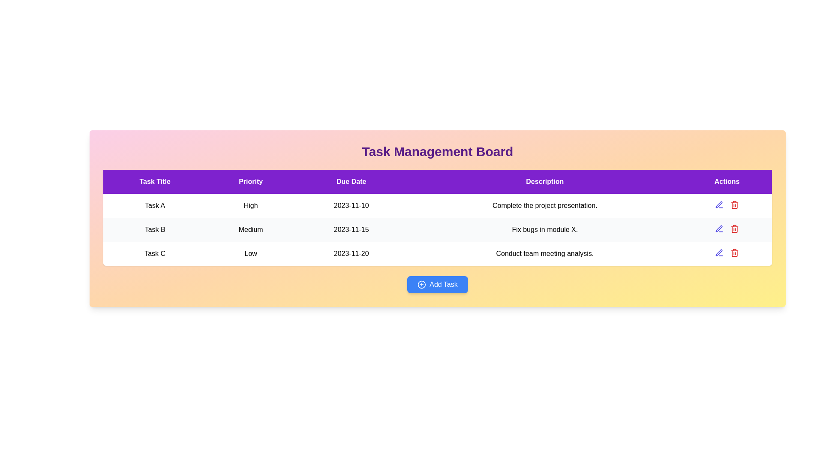  What do you see at coordinates (719, 228) in the screenshot?
I see `the edit button associated with 'Task B' in the Actions column` at bounding box center [719, 228].